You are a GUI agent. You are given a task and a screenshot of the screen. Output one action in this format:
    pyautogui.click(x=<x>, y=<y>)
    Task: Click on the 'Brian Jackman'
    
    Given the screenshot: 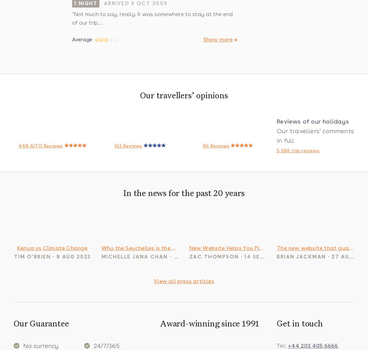 What is the action you would take?
    pyautogui.click(x=301, y=256)
    